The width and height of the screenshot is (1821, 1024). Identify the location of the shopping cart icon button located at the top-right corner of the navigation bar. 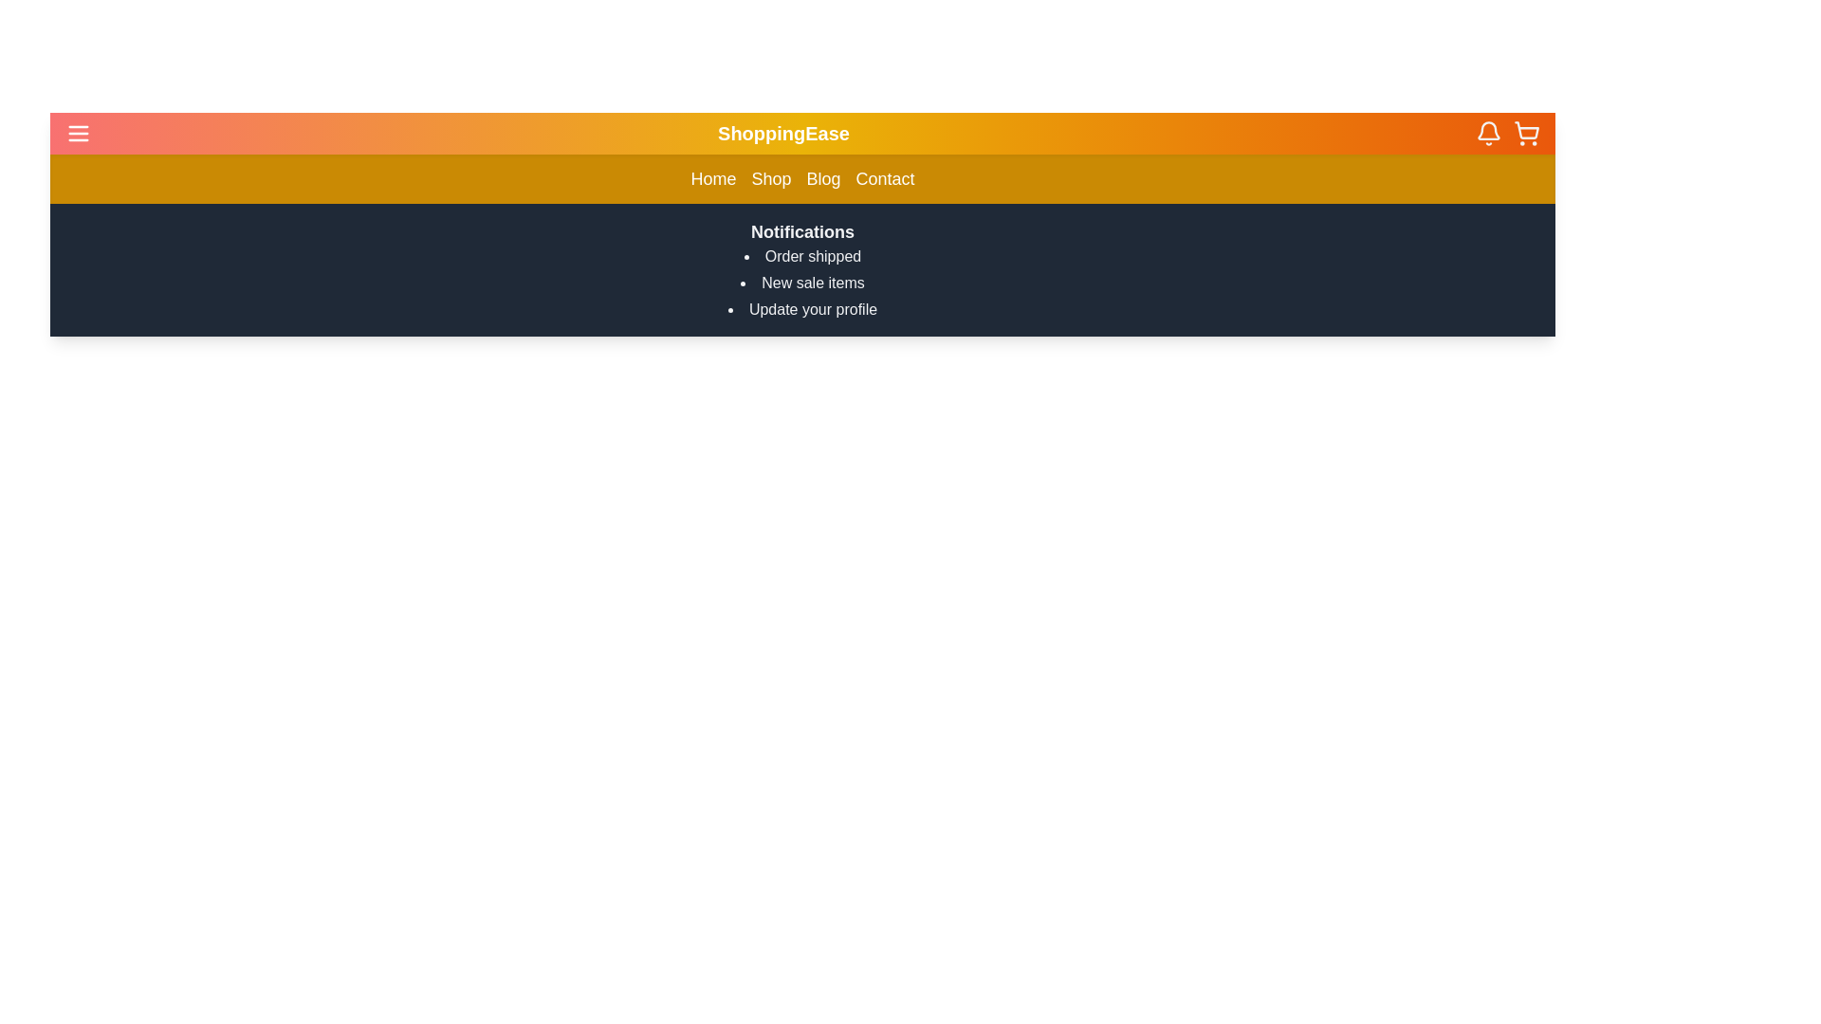
(1506, 133).